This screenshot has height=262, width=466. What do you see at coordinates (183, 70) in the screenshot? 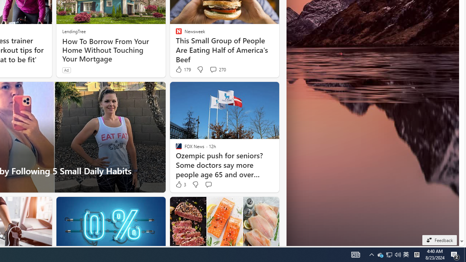
I see `'179 Like'` at bounding box center [183, 70].